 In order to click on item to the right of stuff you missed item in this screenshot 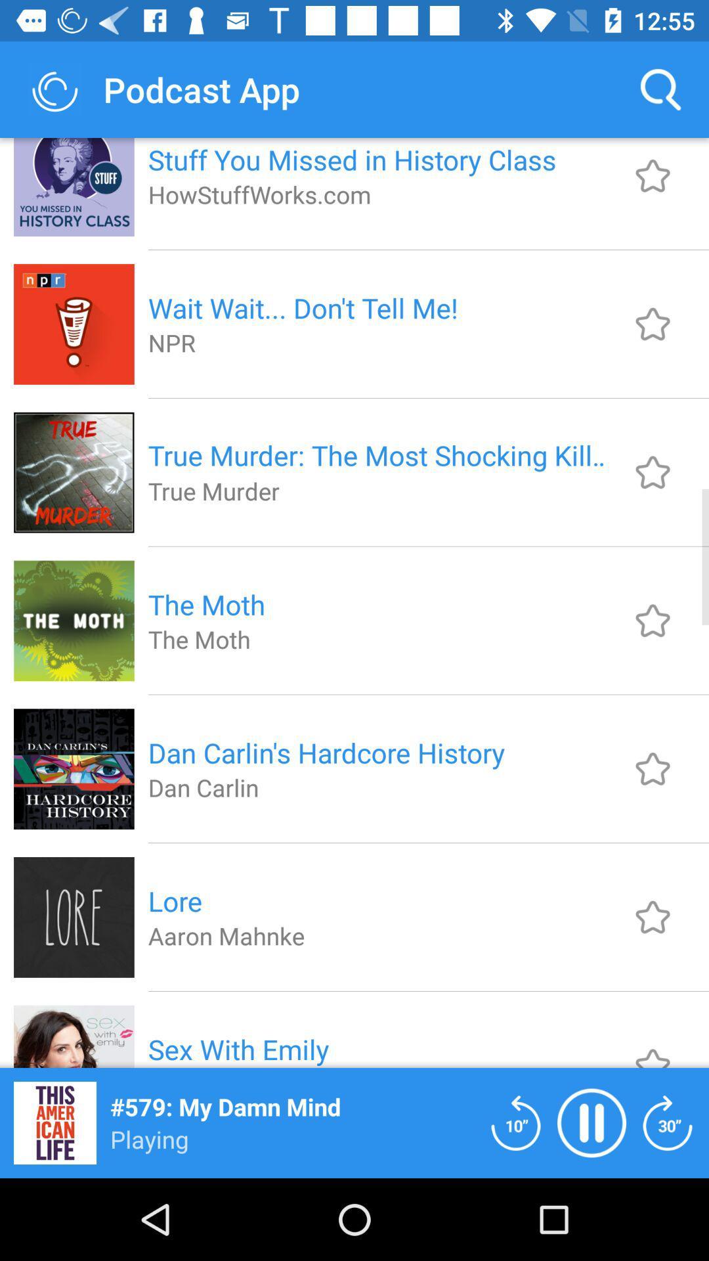, I will do `click(660, 89)`.